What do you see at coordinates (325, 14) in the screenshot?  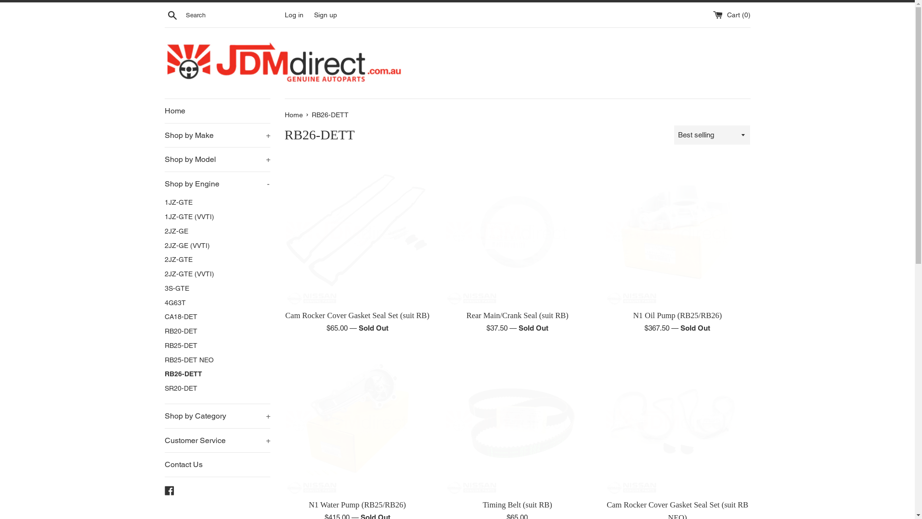 I see `'Sign up'` at bounding box center [325, 14].